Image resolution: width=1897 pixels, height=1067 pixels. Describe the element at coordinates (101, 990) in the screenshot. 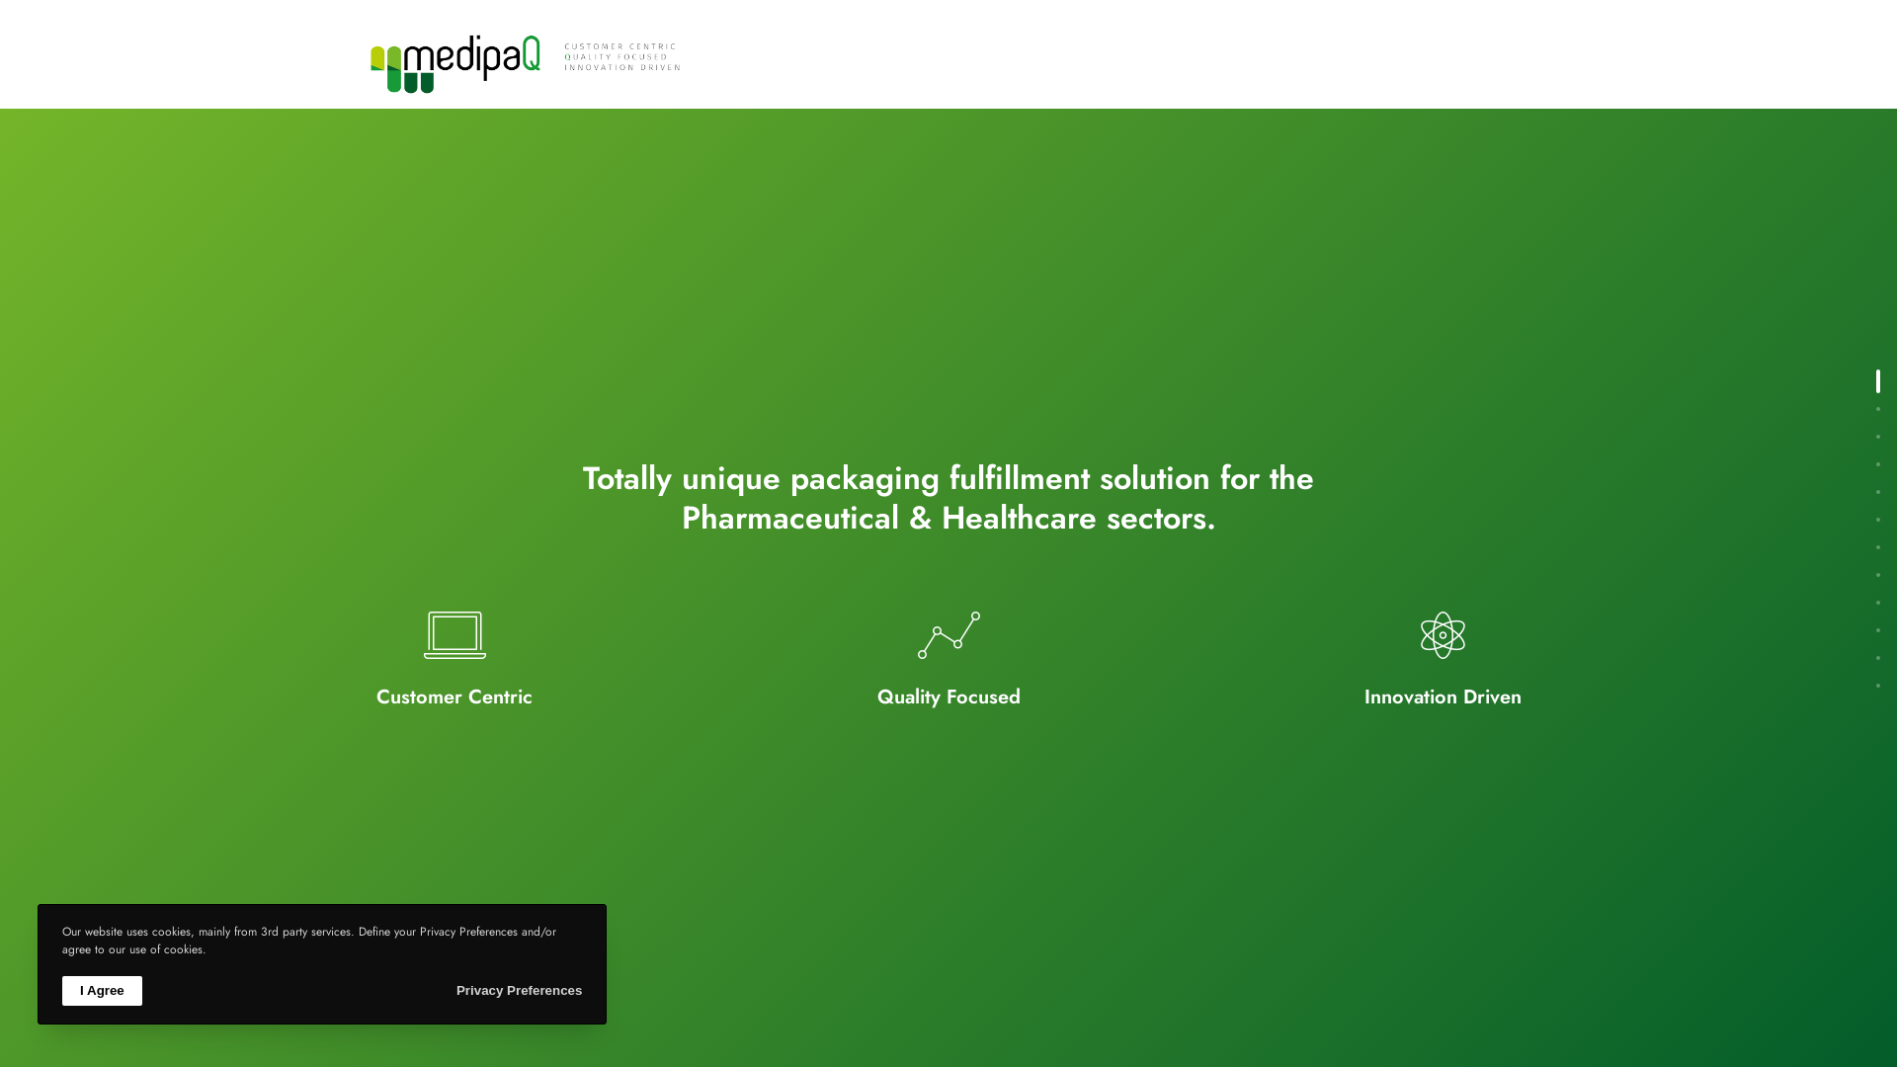

I see `'I Agree'` at that location.